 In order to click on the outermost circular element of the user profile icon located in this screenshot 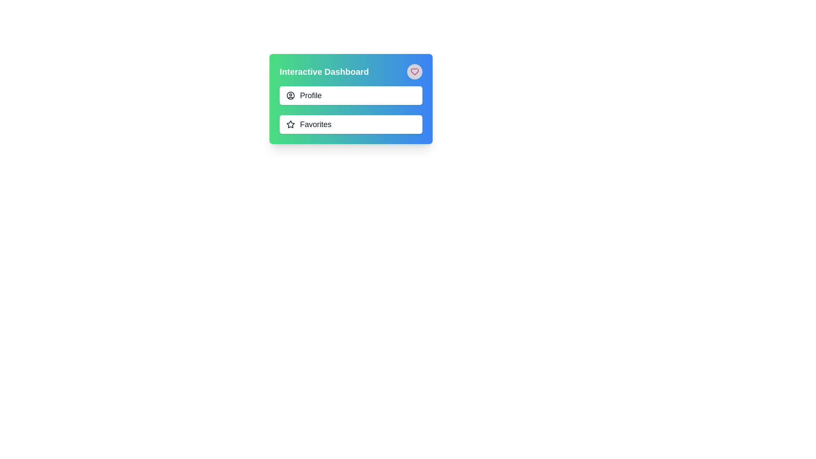, I will do `click(291, 95)`.